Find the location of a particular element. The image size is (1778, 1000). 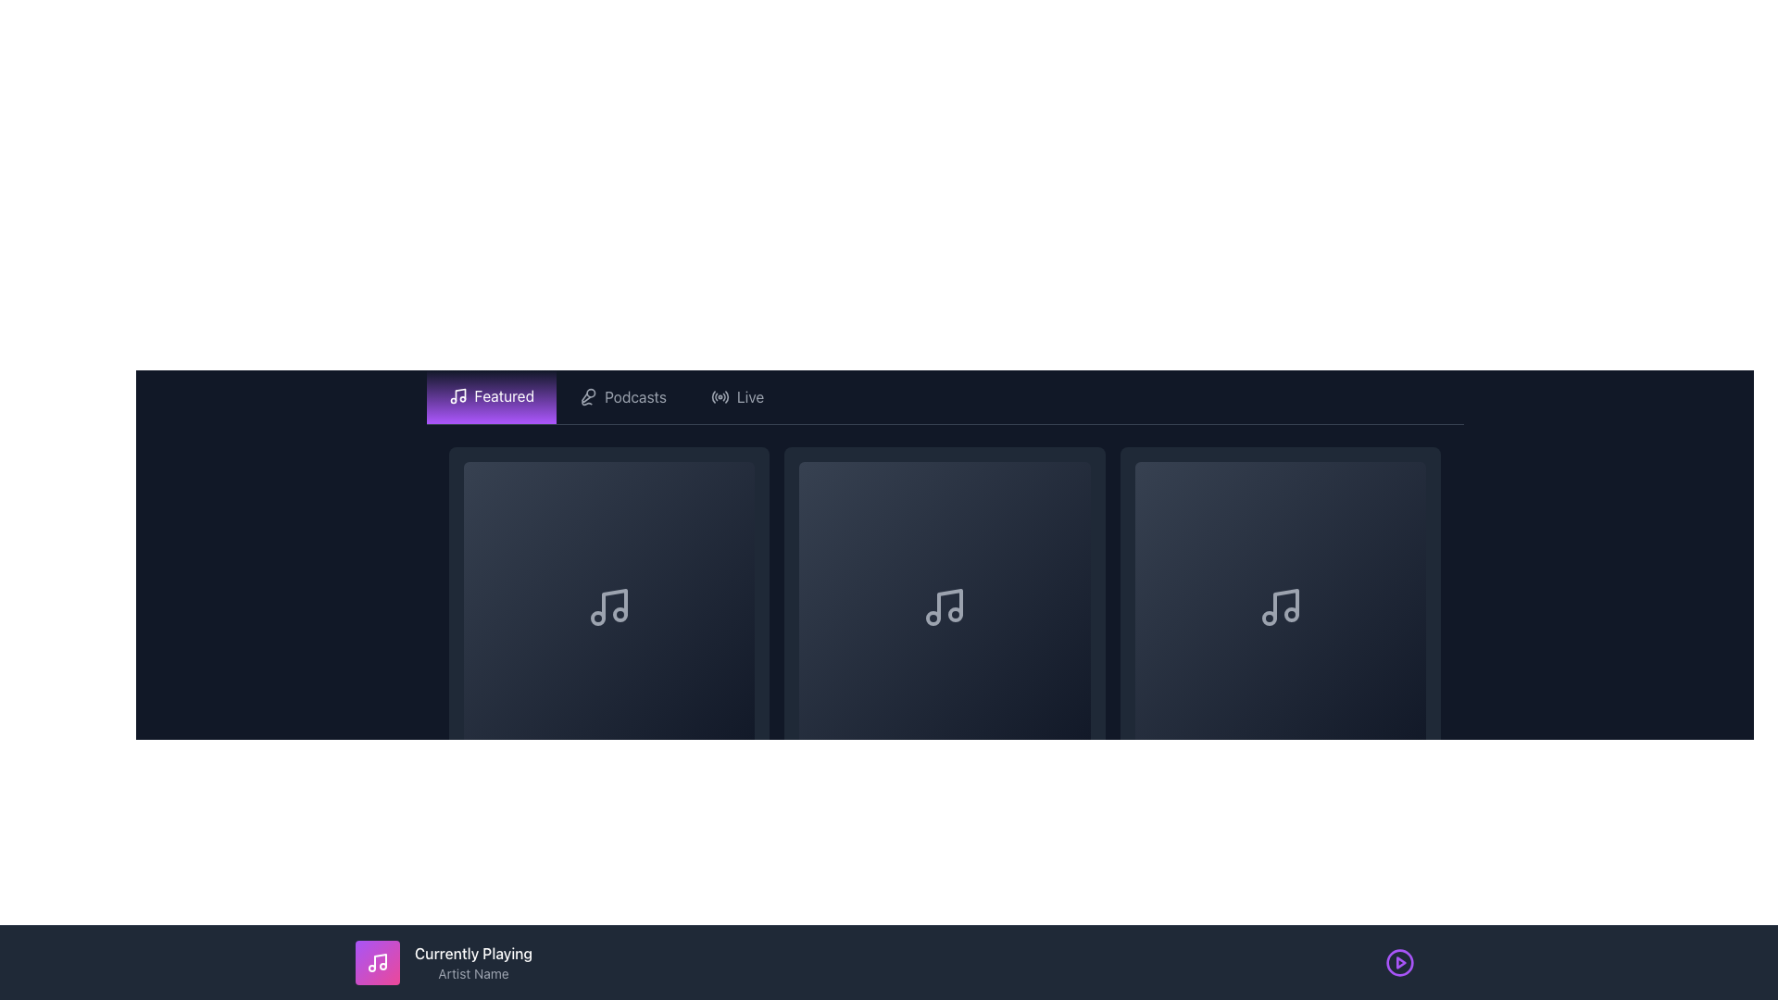

the triangular play icon within the purple circular control located at the bottom-right corner of the music player interface is located at coordinates (1401, 962).